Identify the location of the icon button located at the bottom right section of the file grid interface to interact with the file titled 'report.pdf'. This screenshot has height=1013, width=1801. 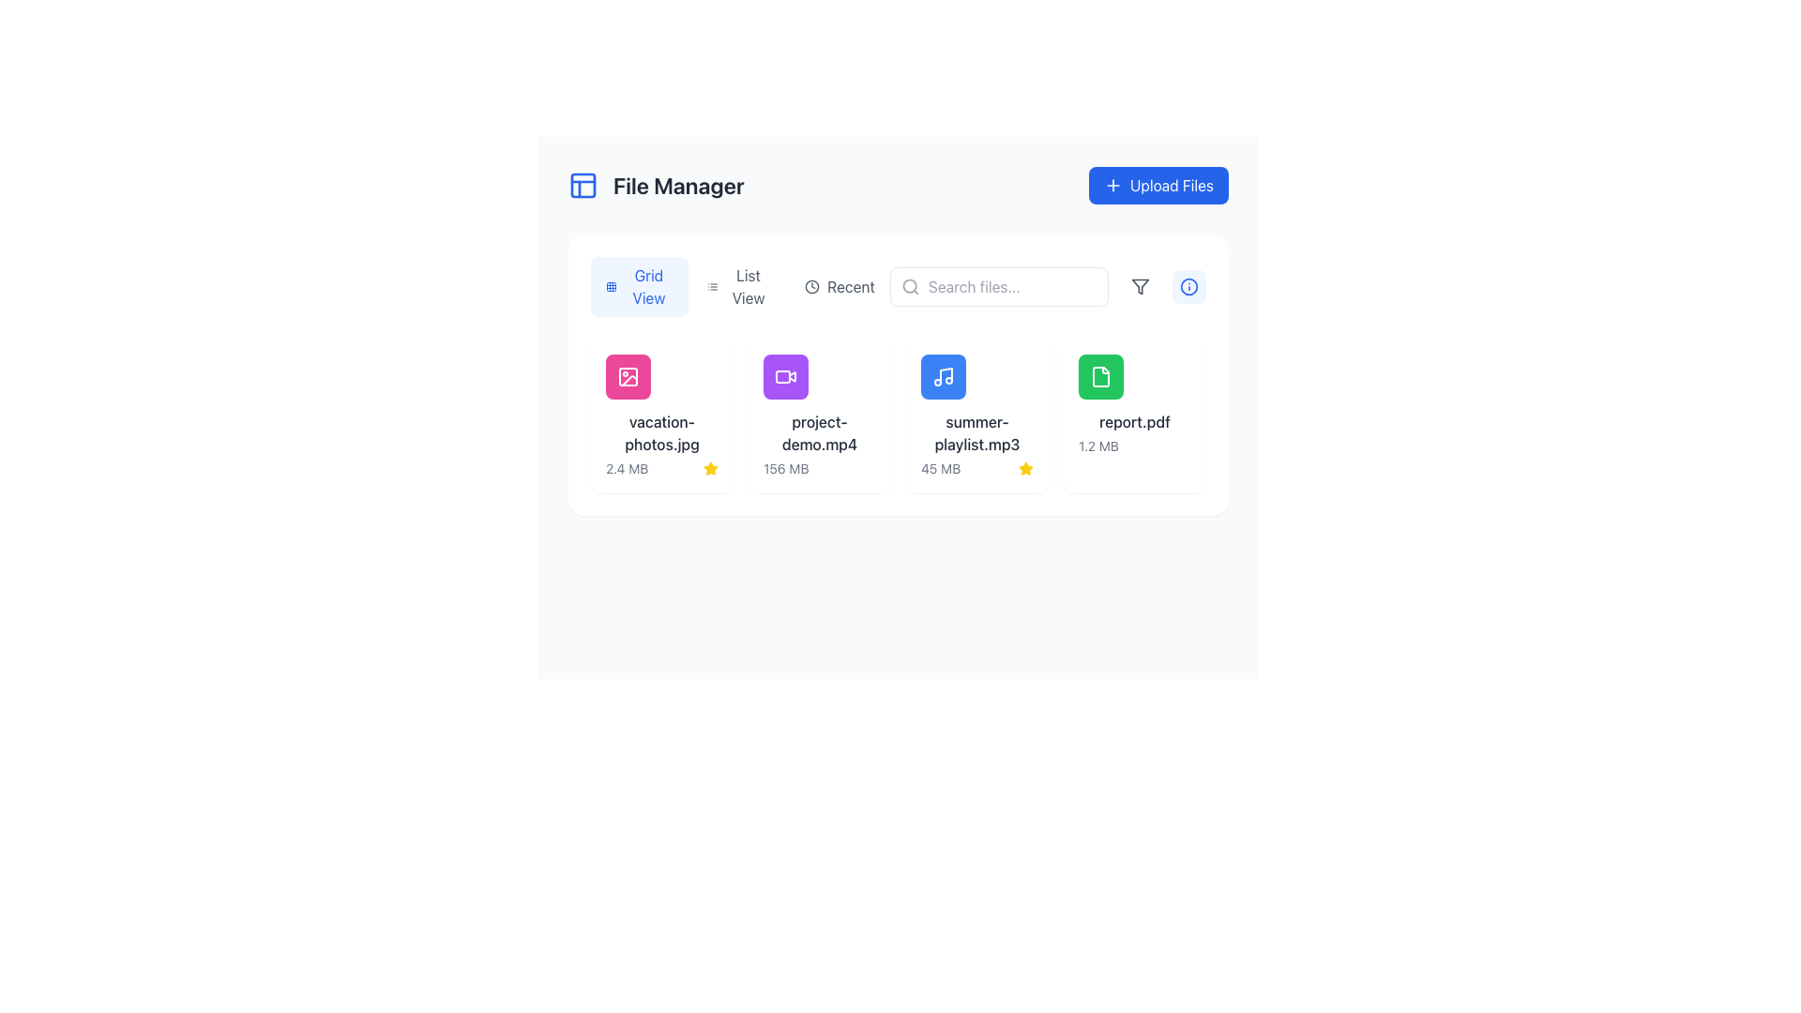
(1101, 376).